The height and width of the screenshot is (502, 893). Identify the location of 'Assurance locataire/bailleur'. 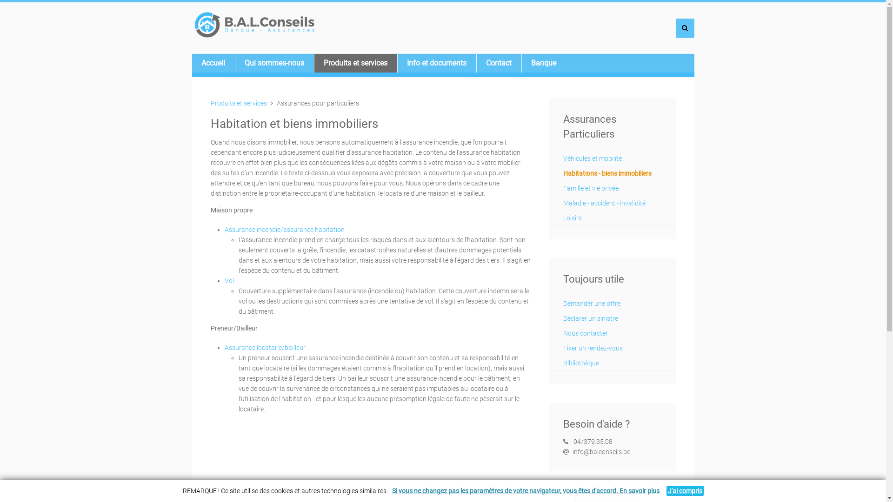
(264, 348).